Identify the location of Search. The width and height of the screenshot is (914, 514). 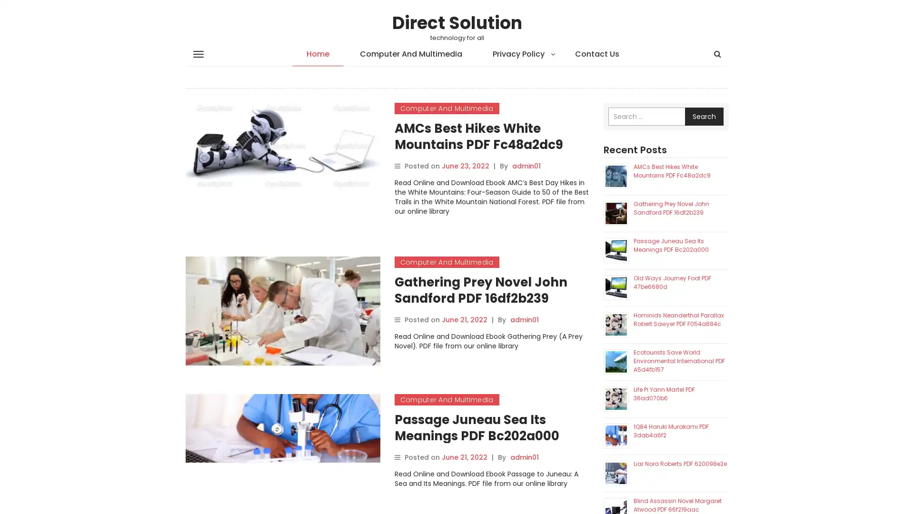
(704, 116).